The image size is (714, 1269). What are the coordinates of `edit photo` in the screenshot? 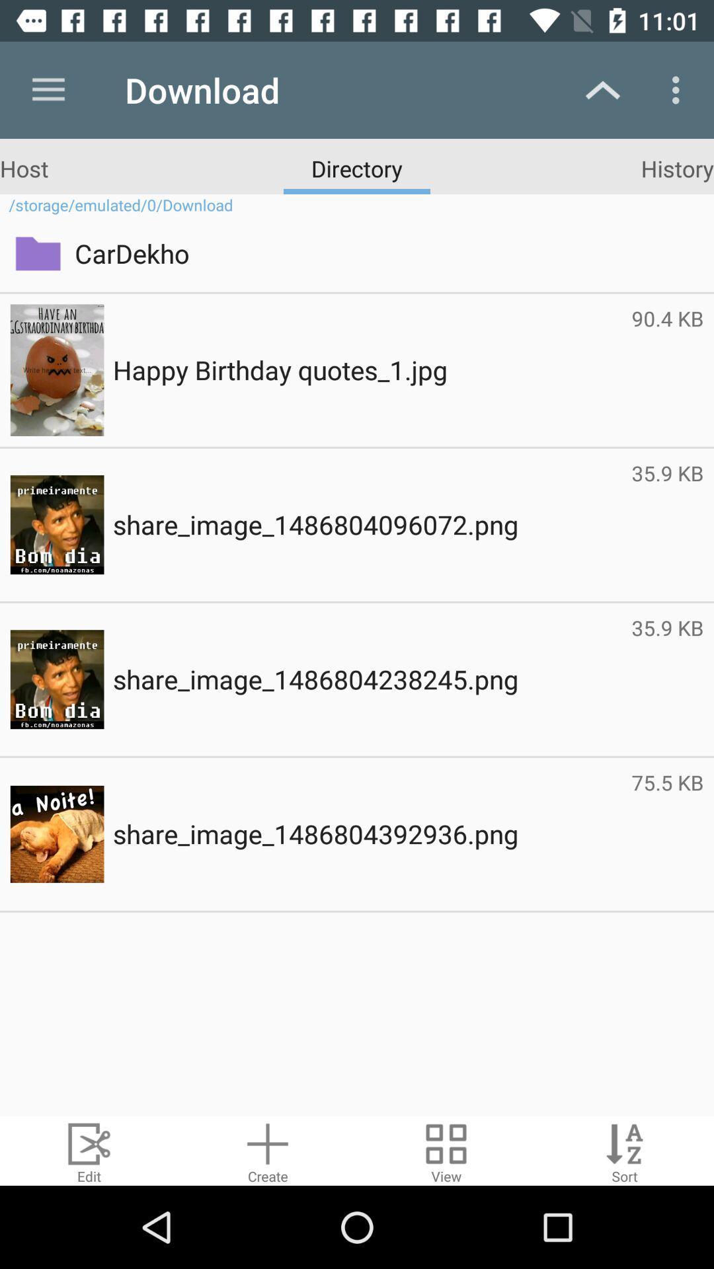 It's located at (89, 1150).